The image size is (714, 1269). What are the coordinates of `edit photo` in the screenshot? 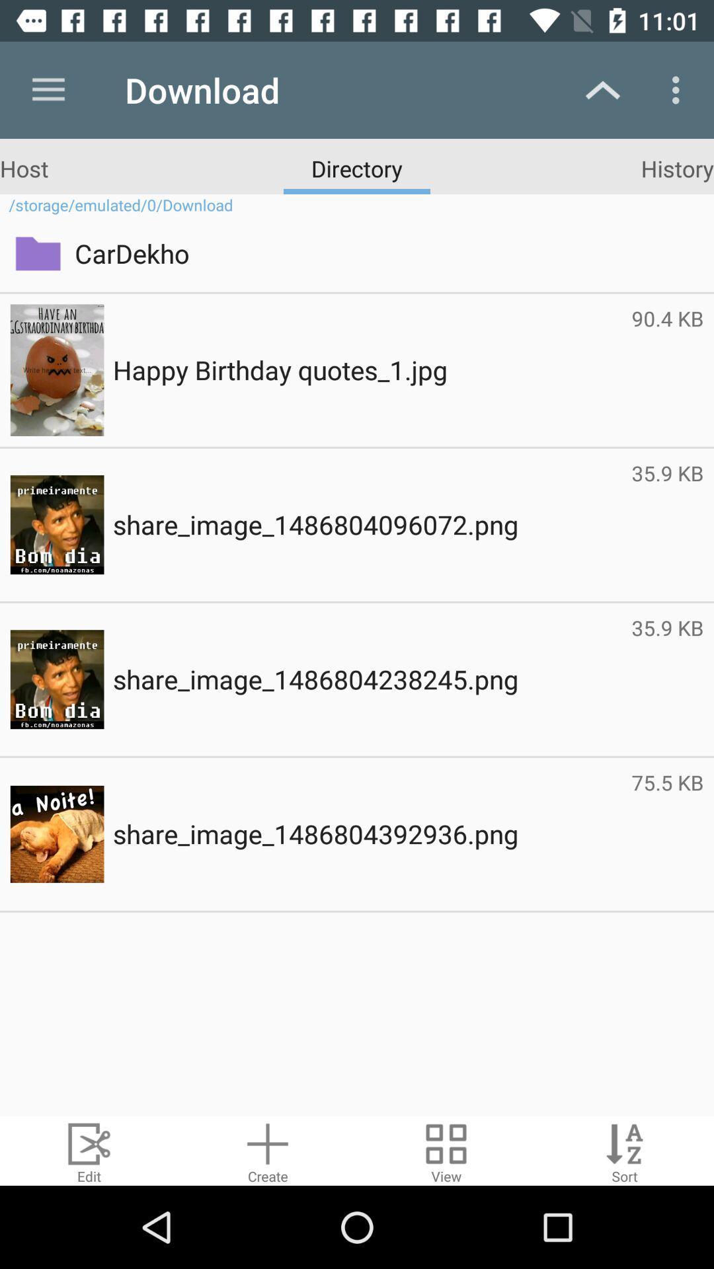 It's located at (89, 1150).